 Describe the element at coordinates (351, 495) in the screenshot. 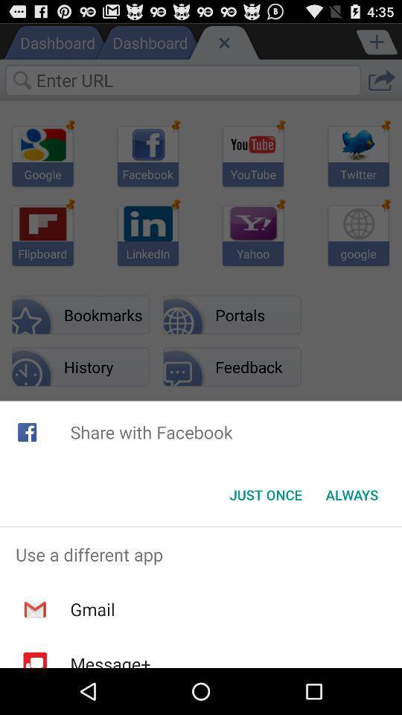

I see `the item below share with facebook item` at that location.